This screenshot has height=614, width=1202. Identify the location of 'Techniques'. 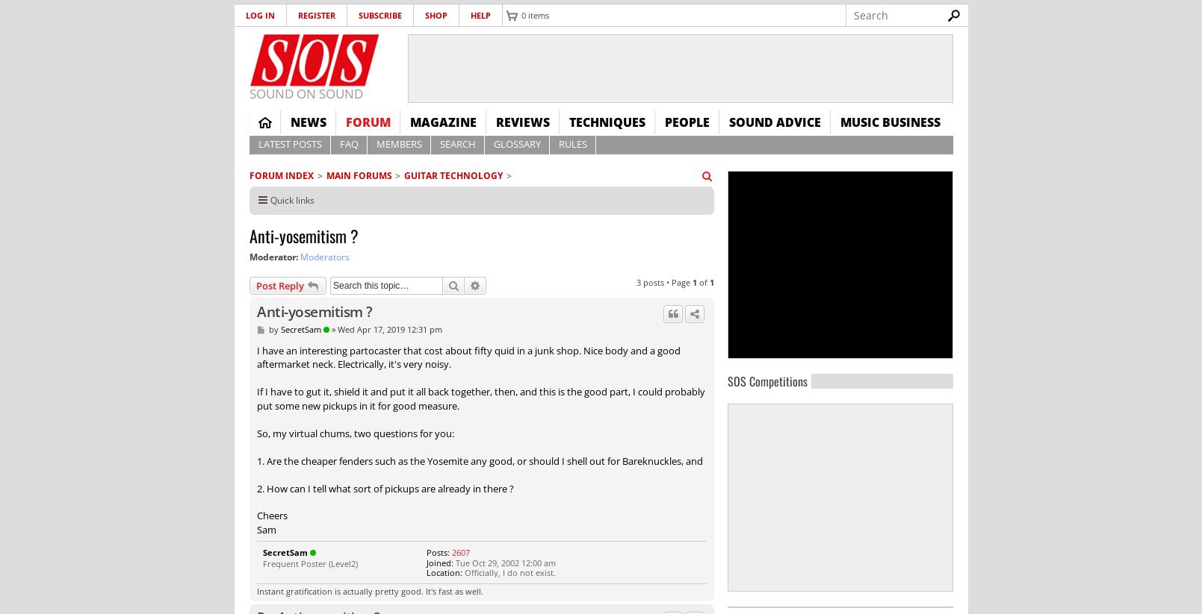
(568, 122).